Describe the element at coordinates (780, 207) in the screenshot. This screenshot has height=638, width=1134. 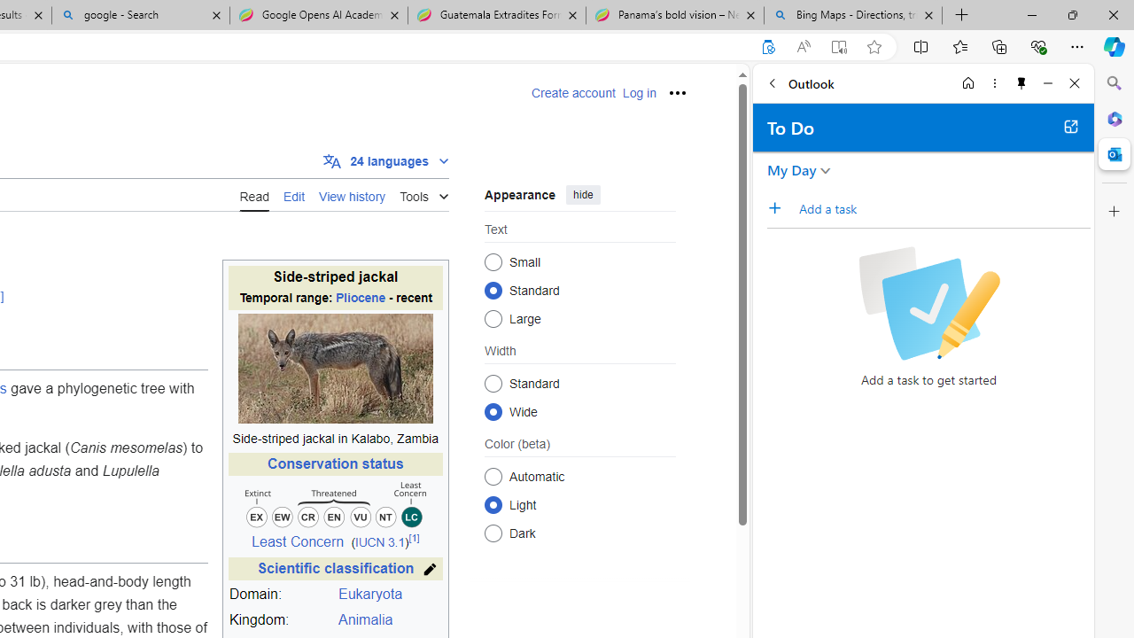
I see `'Add a task'` at that location.